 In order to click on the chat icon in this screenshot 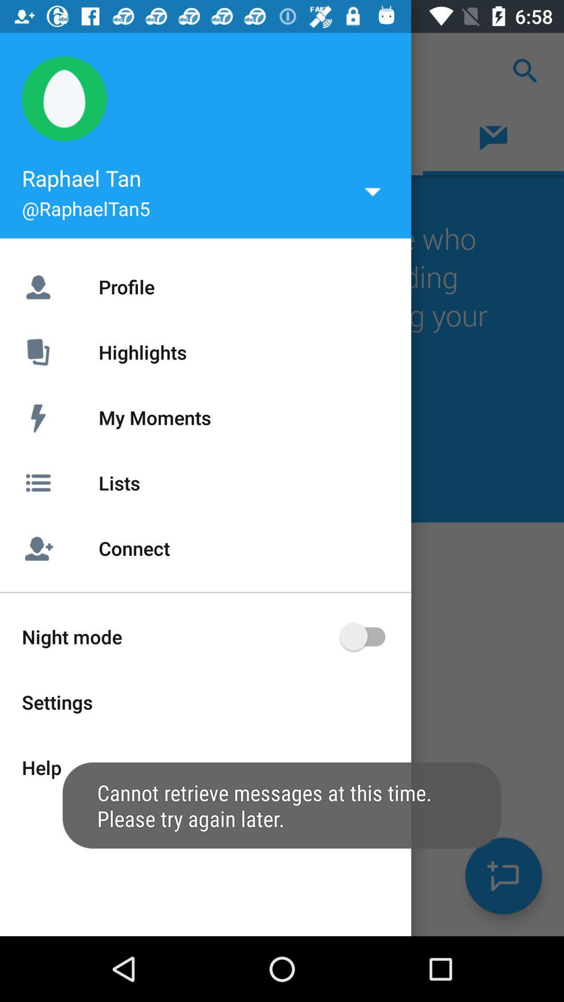, I will do `click(503, 876)`.